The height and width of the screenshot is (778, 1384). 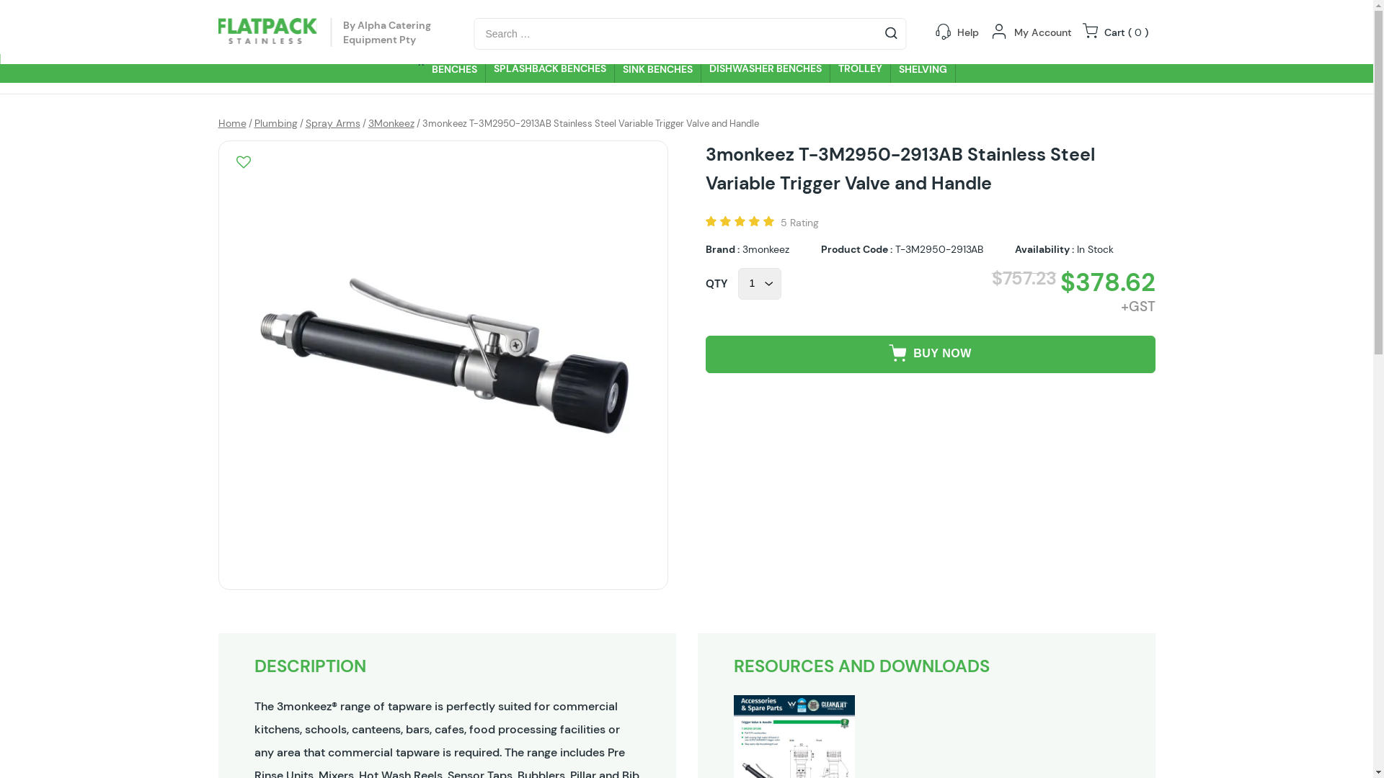 What do you see at coordinates (231, 122) in the screenshot?
I see `'Home'` at bounding box center [231, 122].